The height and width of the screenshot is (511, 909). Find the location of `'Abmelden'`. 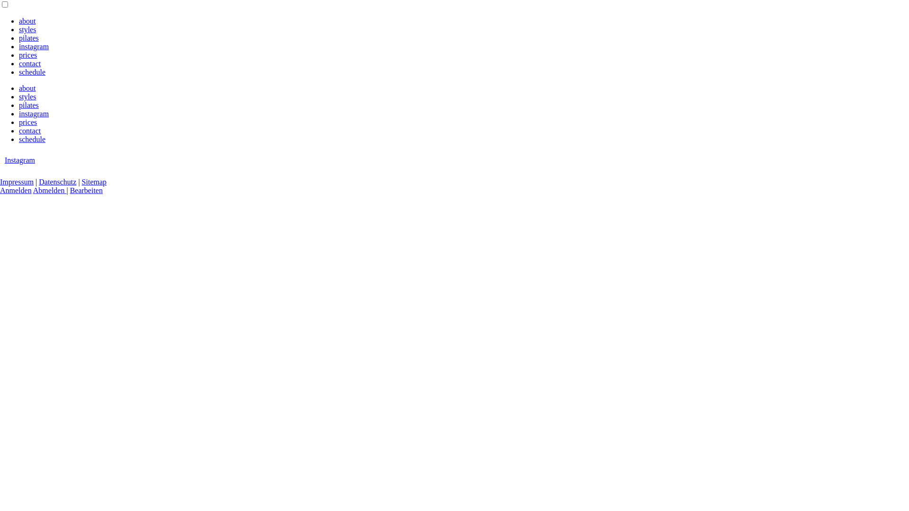

'Abmelden' is located at coordinates (49, 190).